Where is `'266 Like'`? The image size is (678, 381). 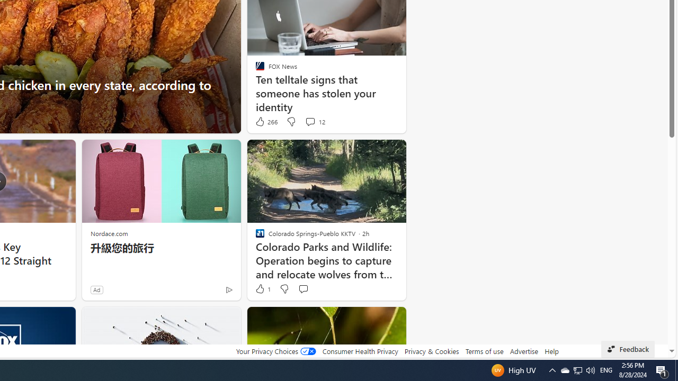
'266 Like' is located at coordinates (266, 121).